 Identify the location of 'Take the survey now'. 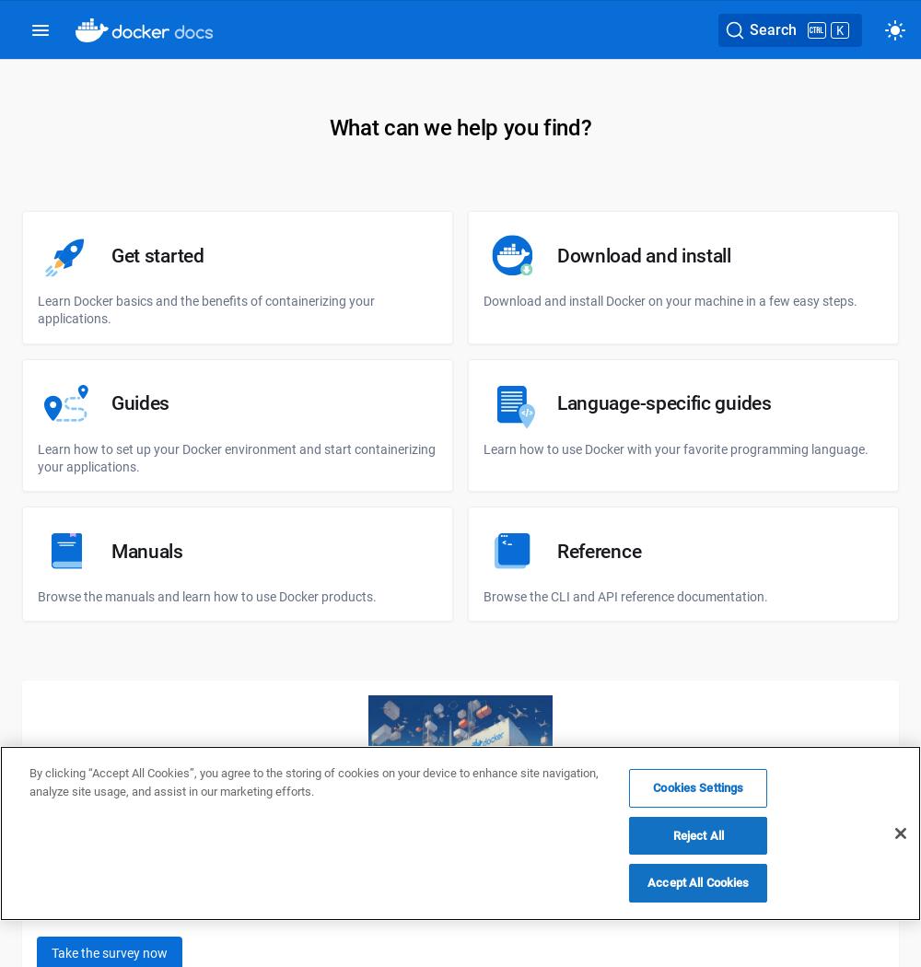
(109, 951).